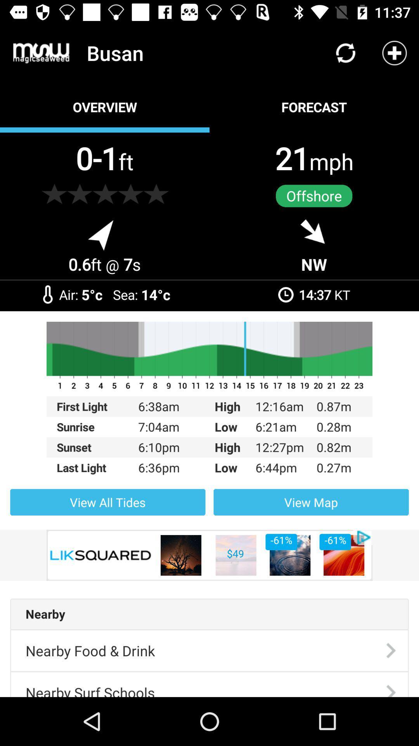 The width and height of the screenshot is (419, 746). Describe the element at coordinates (90, 685) in the screenshot. I see `nearby surf schools icon` at that location.